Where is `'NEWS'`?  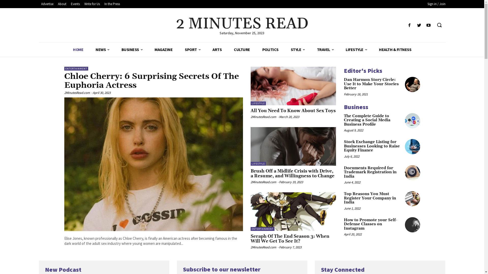 'NEWS' is located at coordinates (102, 49).